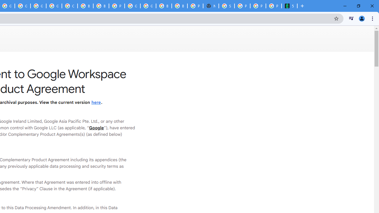 The image size is (379, 213). I want to click on 'Google Cloud Platform', so click(148, 6).